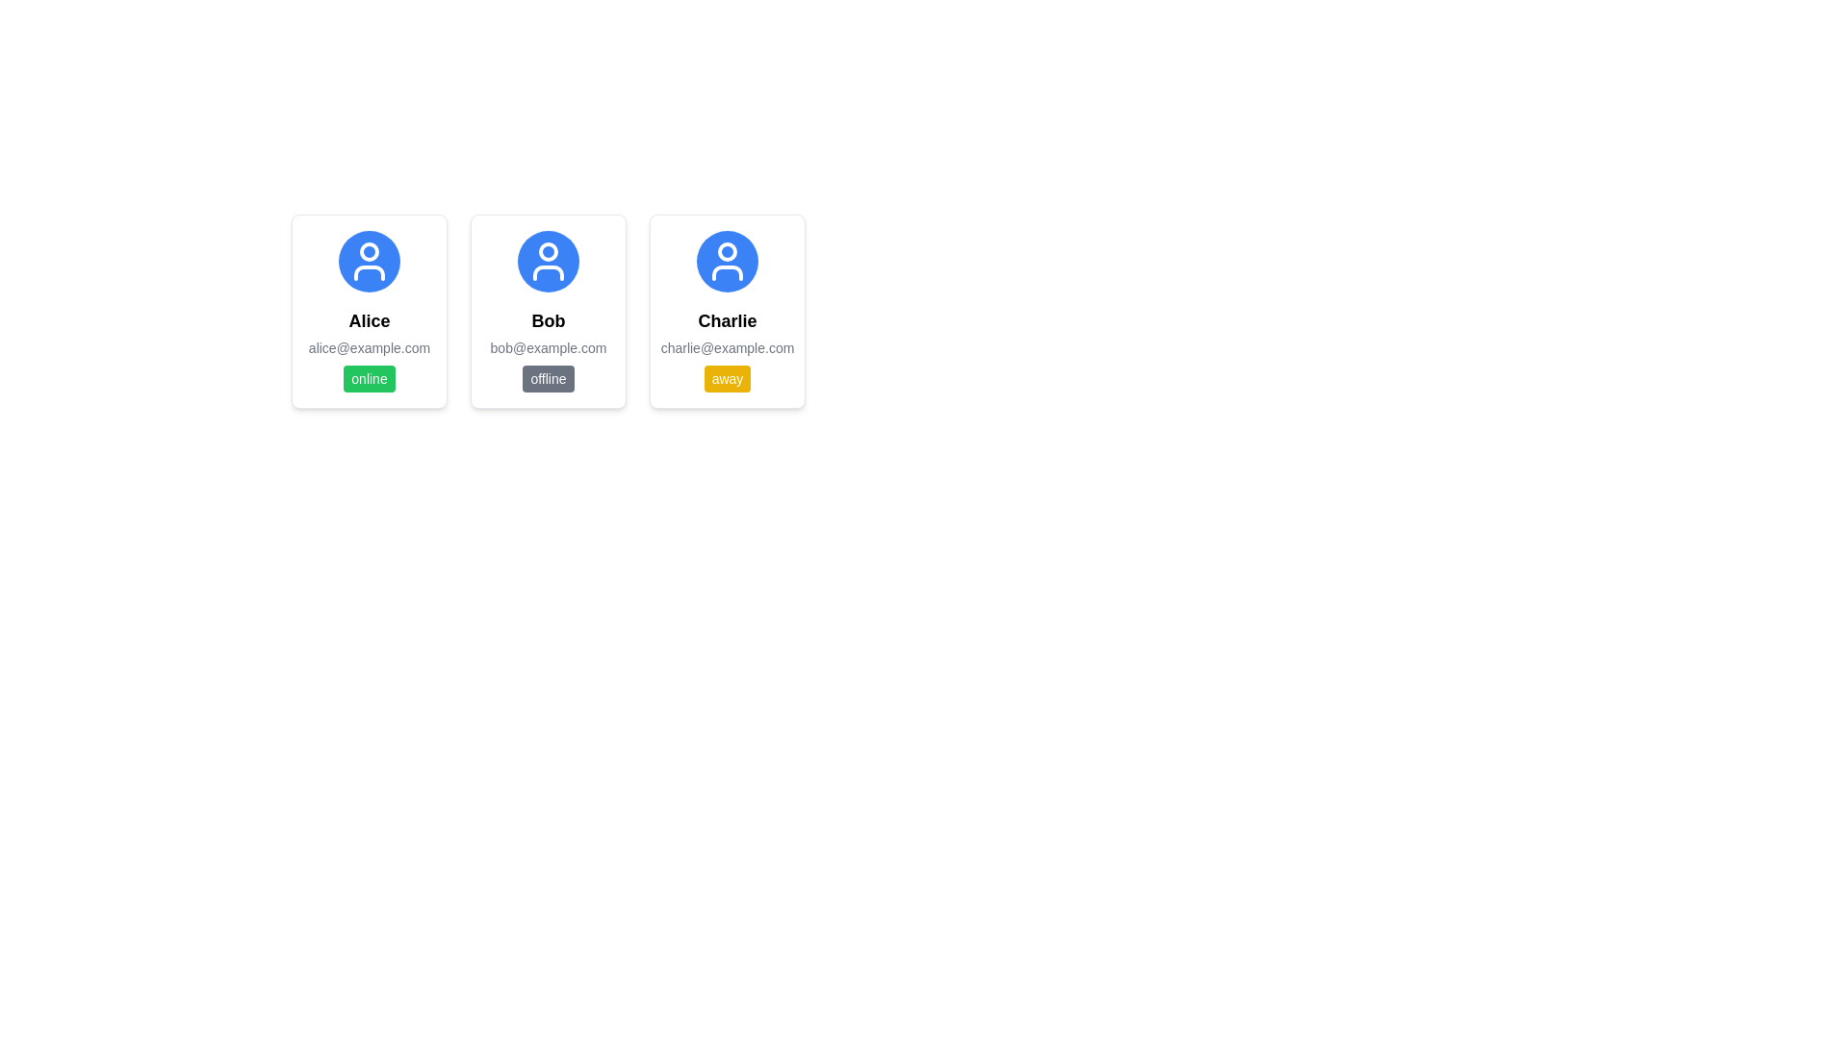 The image size is (1848, 1039). What do you see at coordinates (548, 262) in the screenshot?
I see `the circular blue button with a white user icon at its center, which is positioned above the text label 'Bob'` at bounding box center [548, 262].